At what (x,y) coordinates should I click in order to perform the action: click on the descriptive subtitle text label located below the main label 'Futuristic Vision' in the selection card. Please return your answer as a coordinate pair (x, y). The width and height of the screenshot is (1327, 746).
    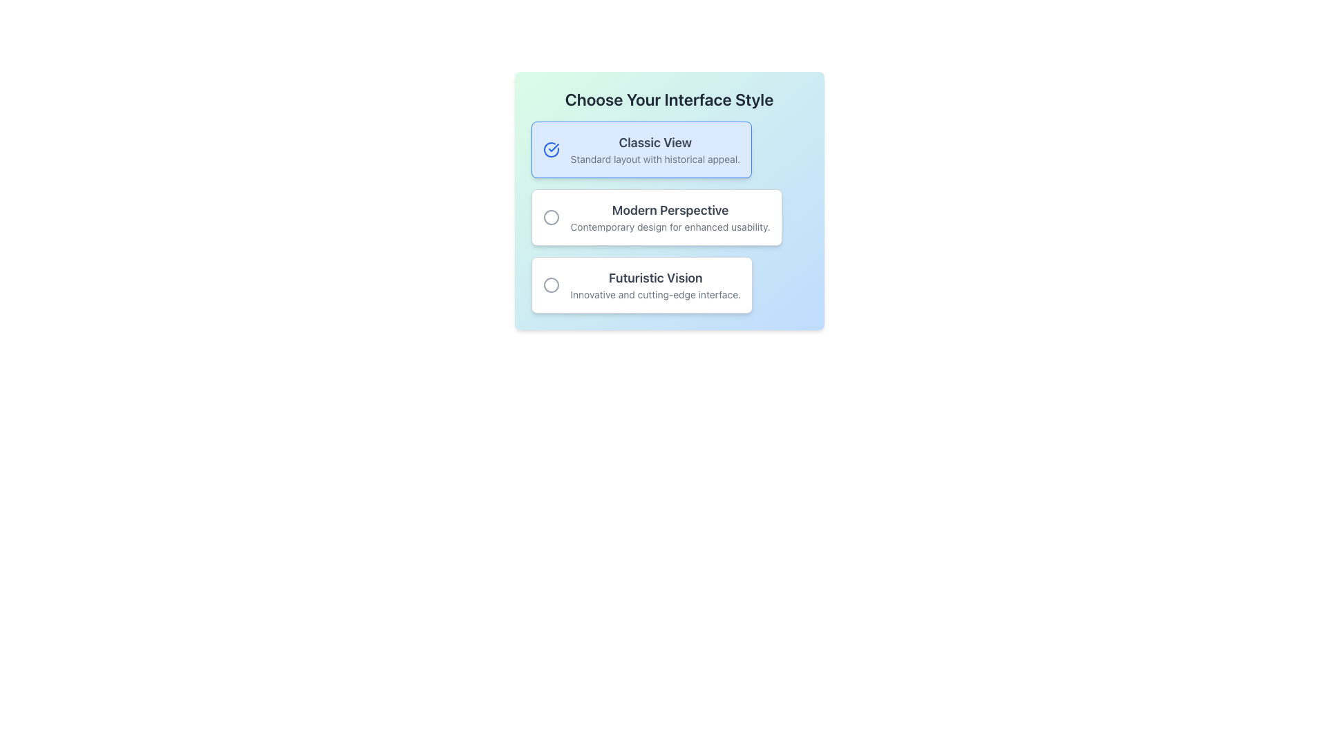
    Looking at the image, I should click on (655, 294).